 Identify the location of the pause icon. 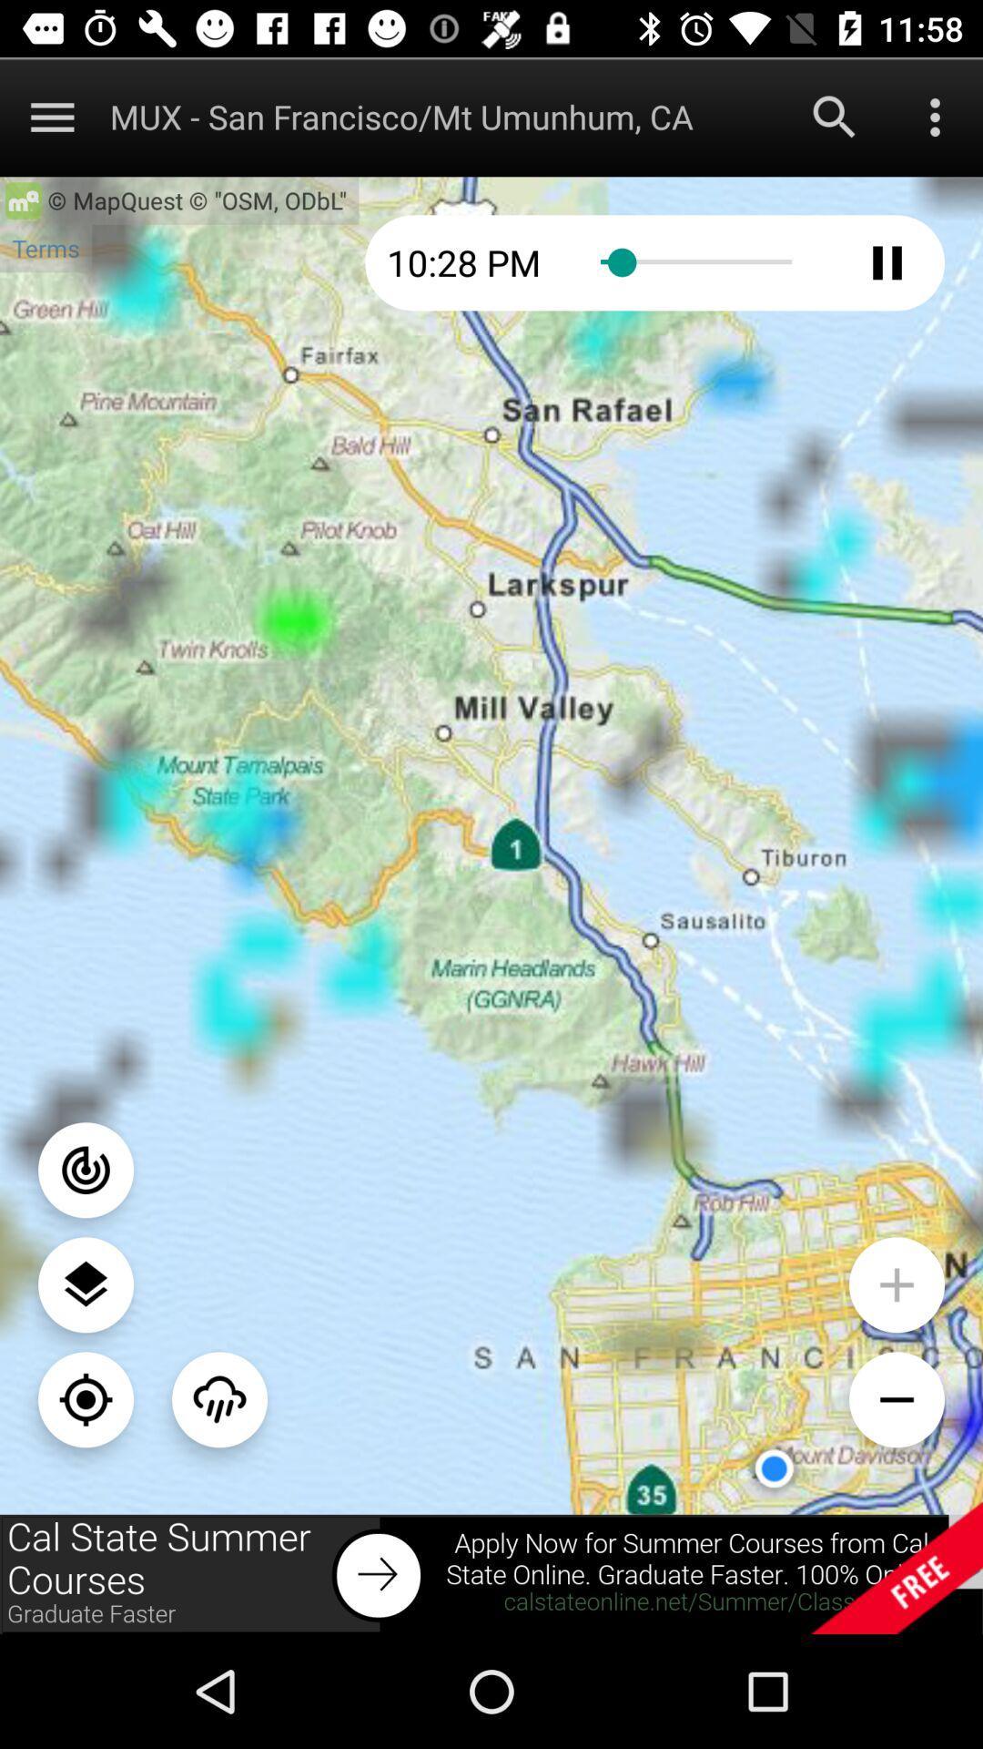
(887, 261).